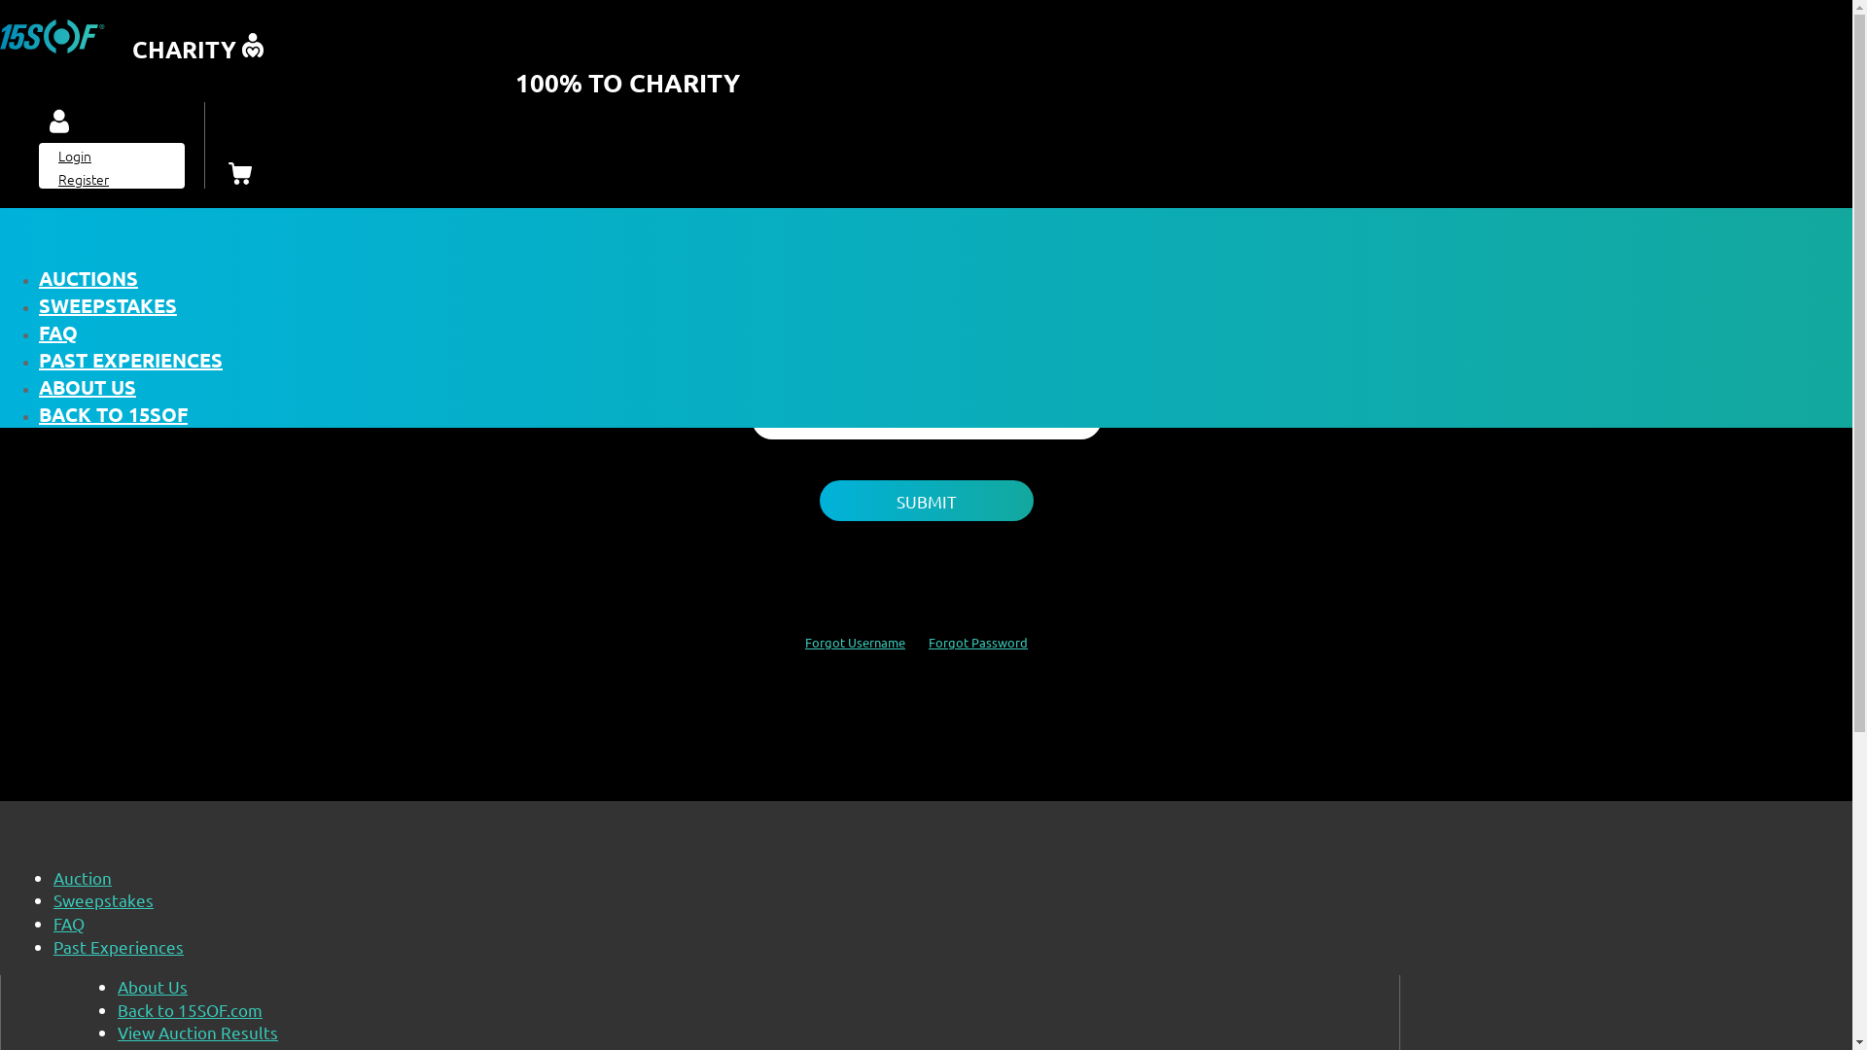 Image resolution: width=1867 pixels, height=1050 pixels. Describe the element at coordinates (106, 304) in the screenshot. I see `'SWEEPSTAKES'` at that location.